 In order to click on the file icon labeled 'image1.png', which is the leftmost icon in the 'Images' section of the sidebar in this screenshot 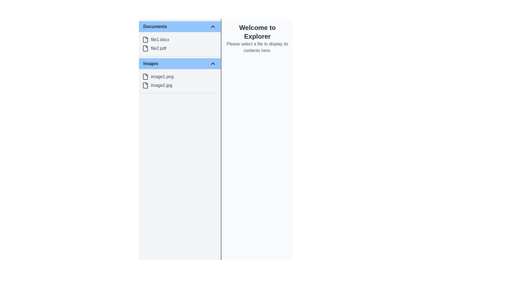, I will do `click(145, 76)`.